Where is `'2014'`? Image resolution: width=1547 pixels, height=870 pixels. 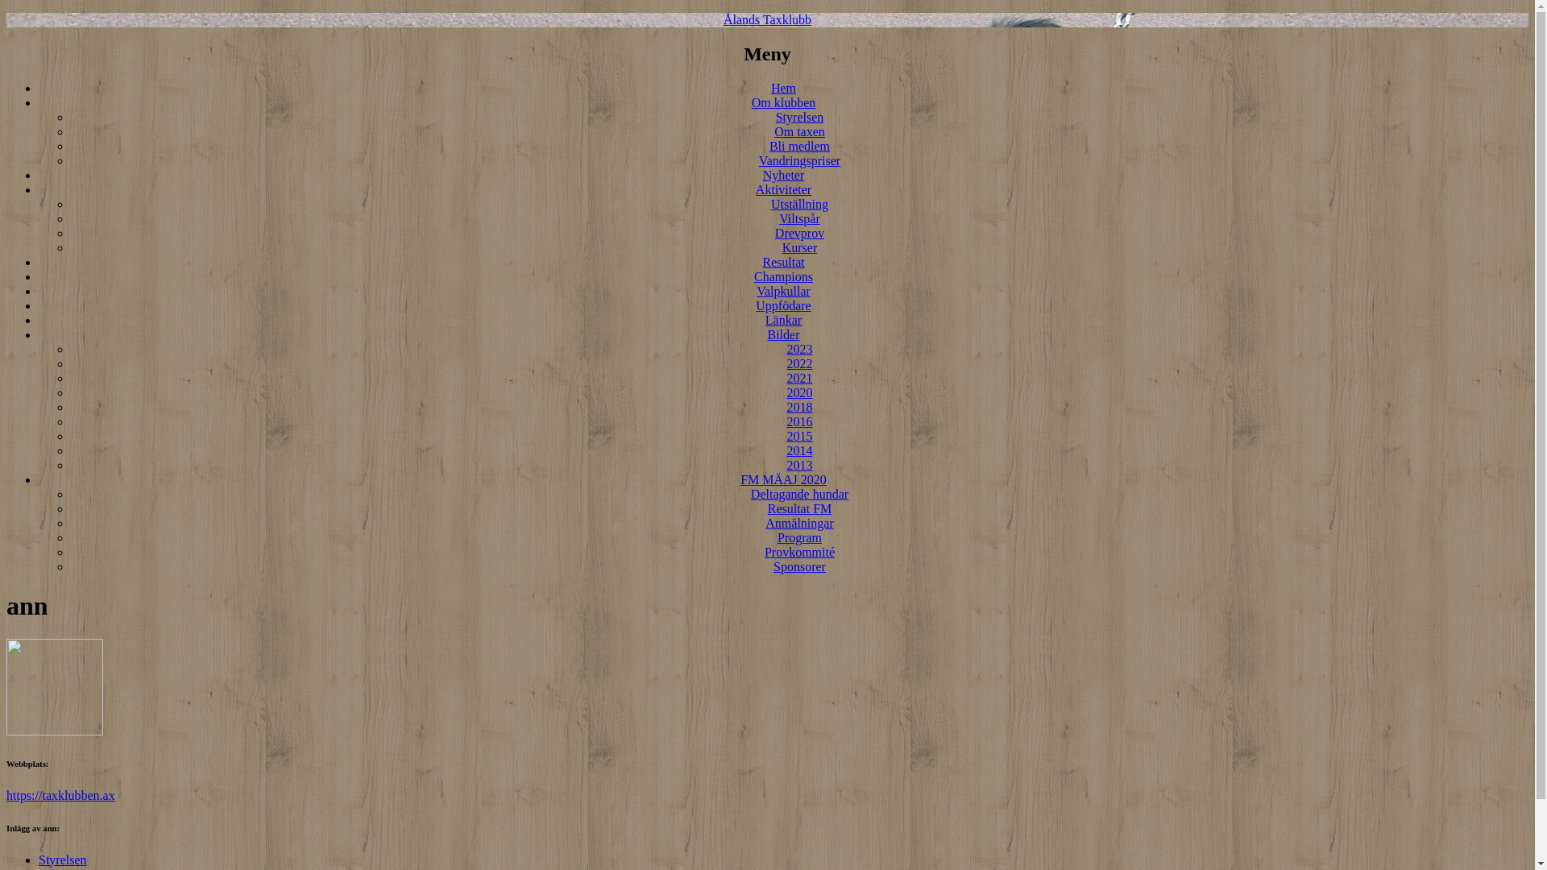 '2014' is located at coordinates (799, 450).